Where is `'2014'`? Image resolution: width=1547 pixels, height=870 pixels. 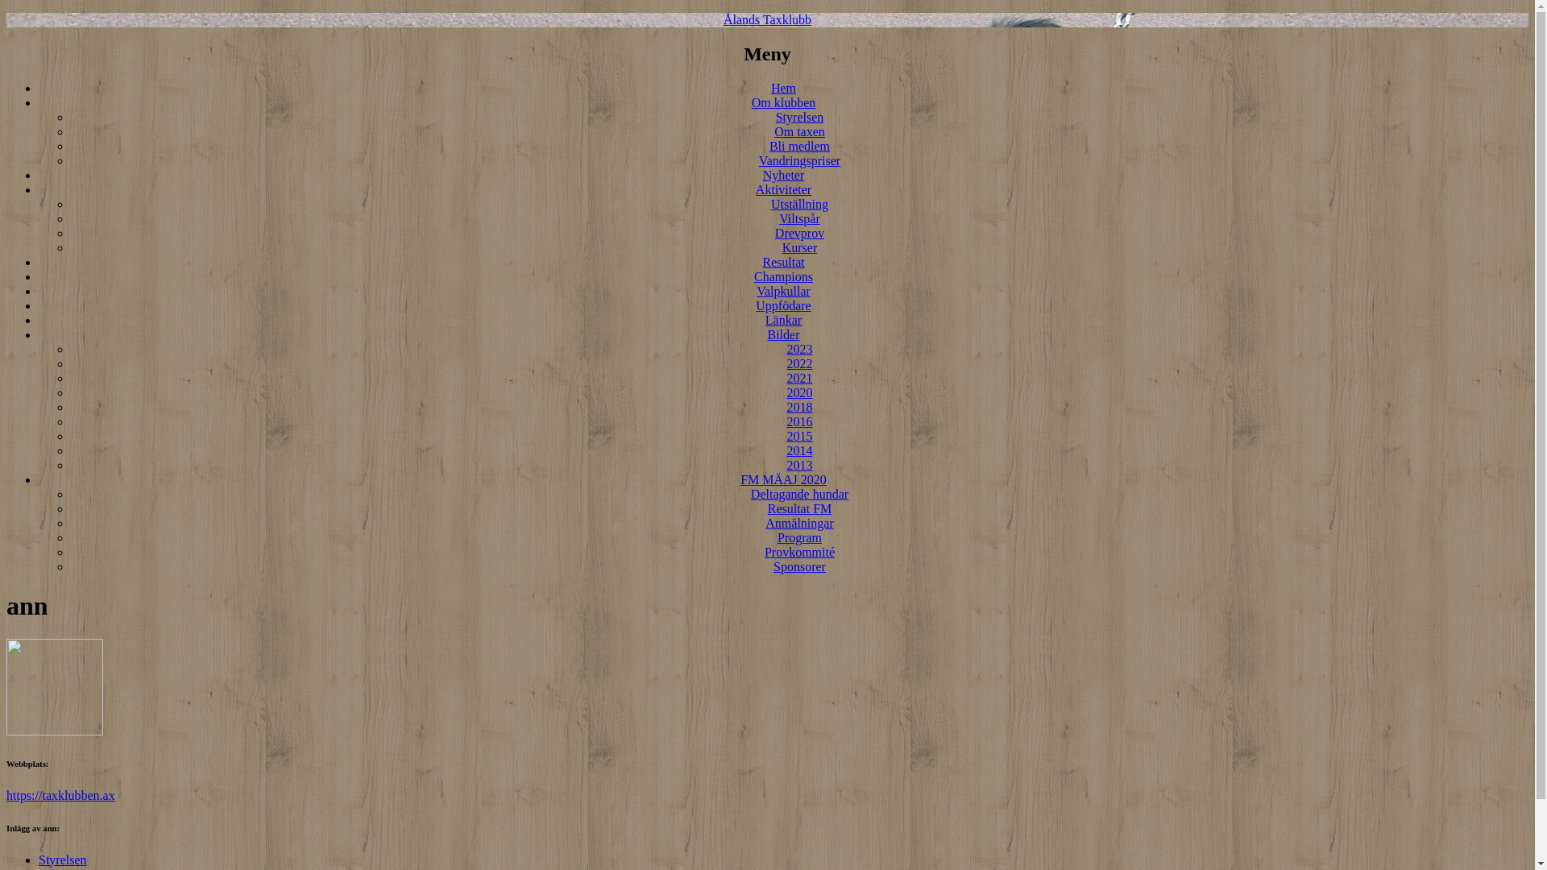 '2014' is located at coordinates (799, 450).